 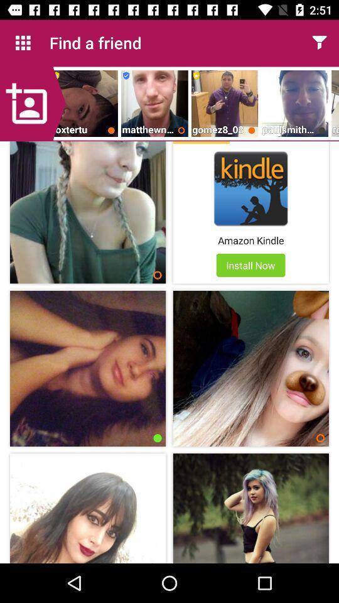 What do you see at coordinates (250, 239) in the screenshot?
I see `app above the install now icon` at bounding box center [250, 239].